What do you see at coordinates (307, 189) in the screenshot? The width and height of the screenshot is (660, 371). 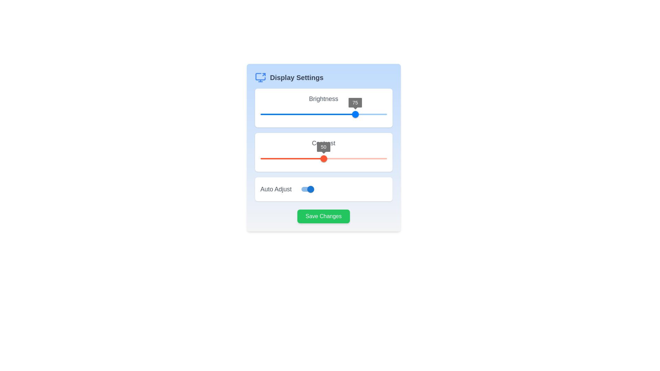 I see `the toggle switch track located` at bounding box center [307, 189].